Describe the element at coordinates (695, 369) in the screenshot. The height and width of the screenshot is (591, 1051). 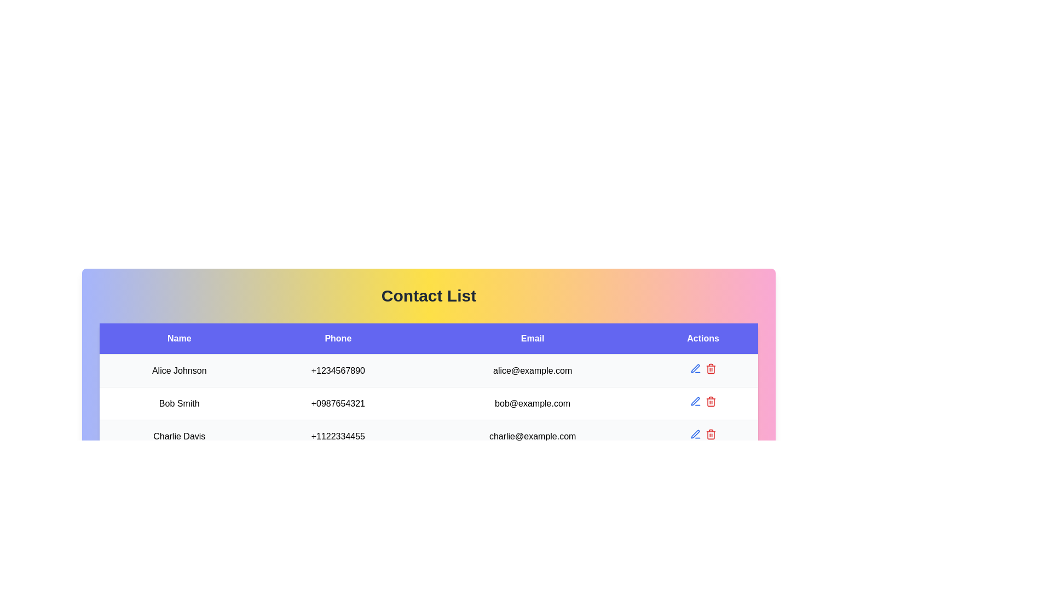
I see `the 'Edit' button located in the 'Actions' column of the first row of the contact list to initiate the edit operation` at that location.